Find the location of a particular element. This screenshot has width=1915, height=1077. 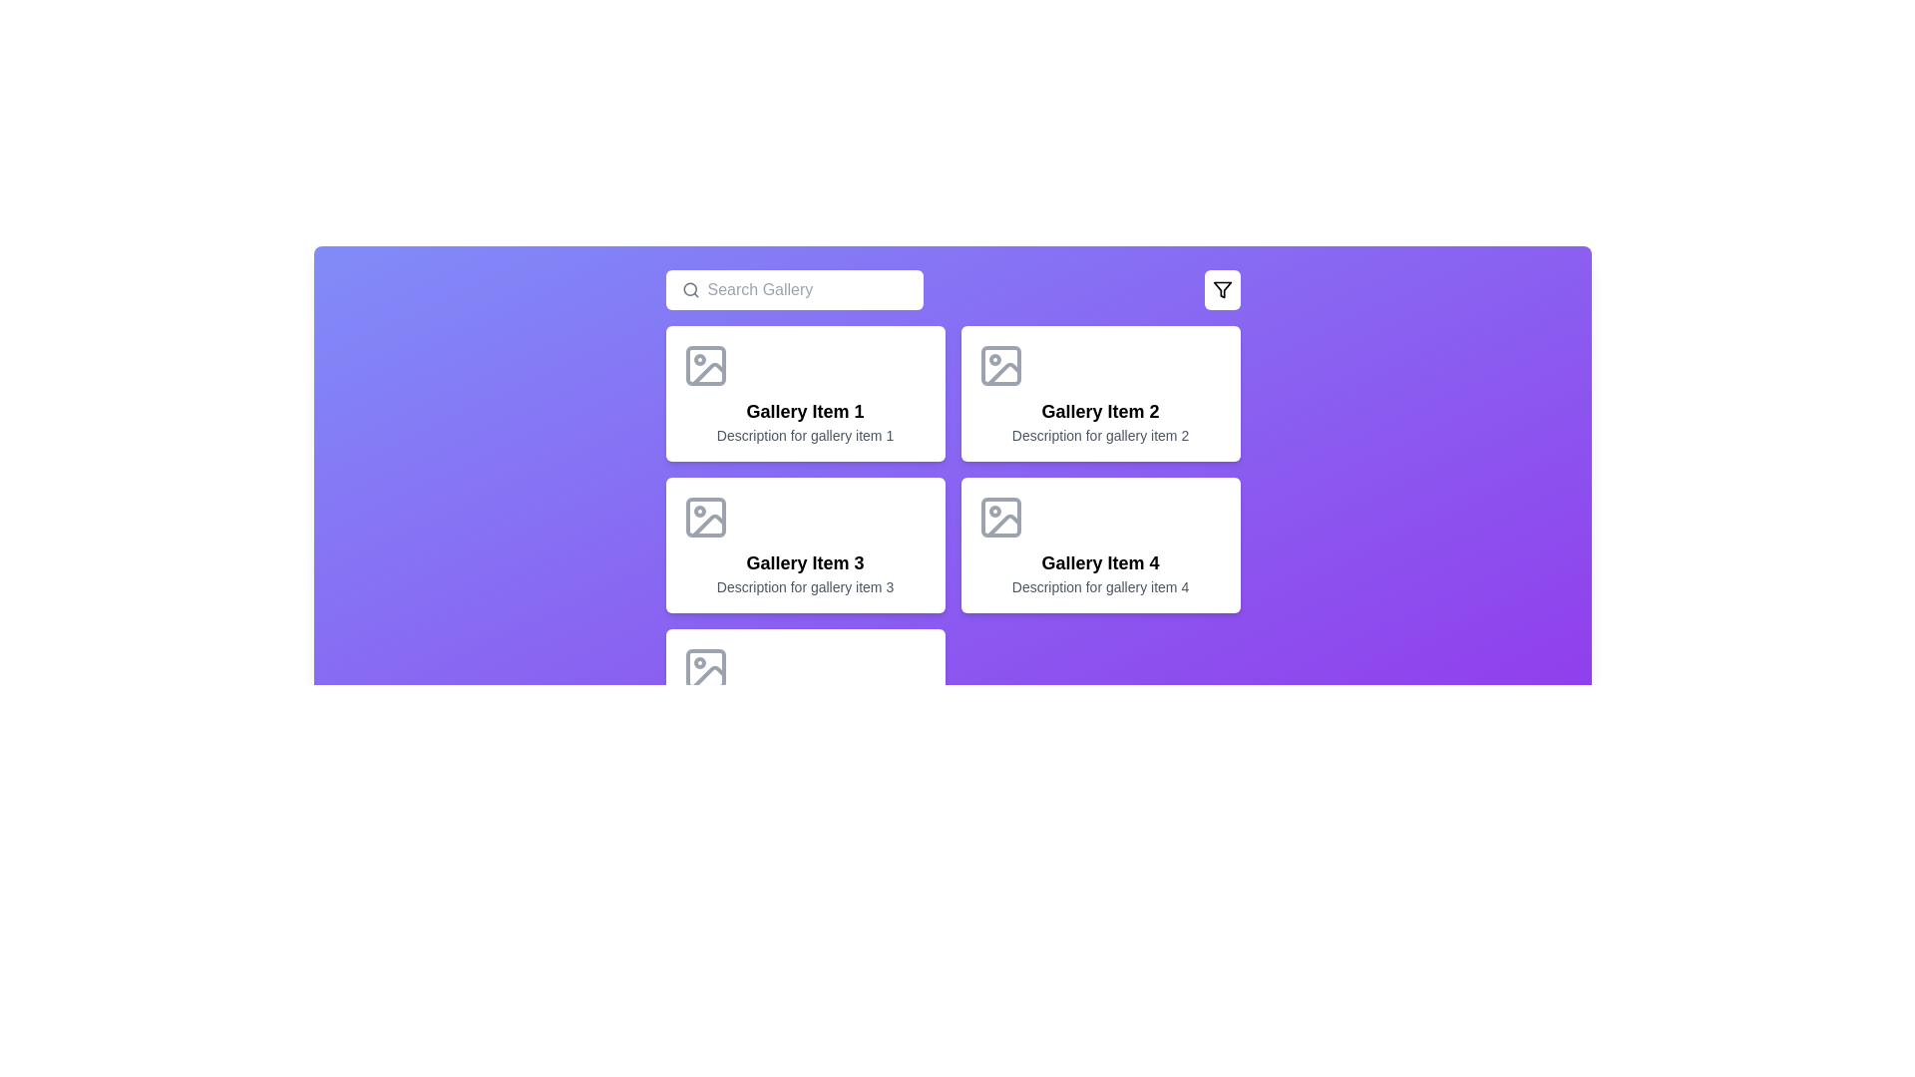

descriptive text label for 'Gallery Item 4' located in the bottom-right card of the gallery items is located at coordinates (1099, 586).